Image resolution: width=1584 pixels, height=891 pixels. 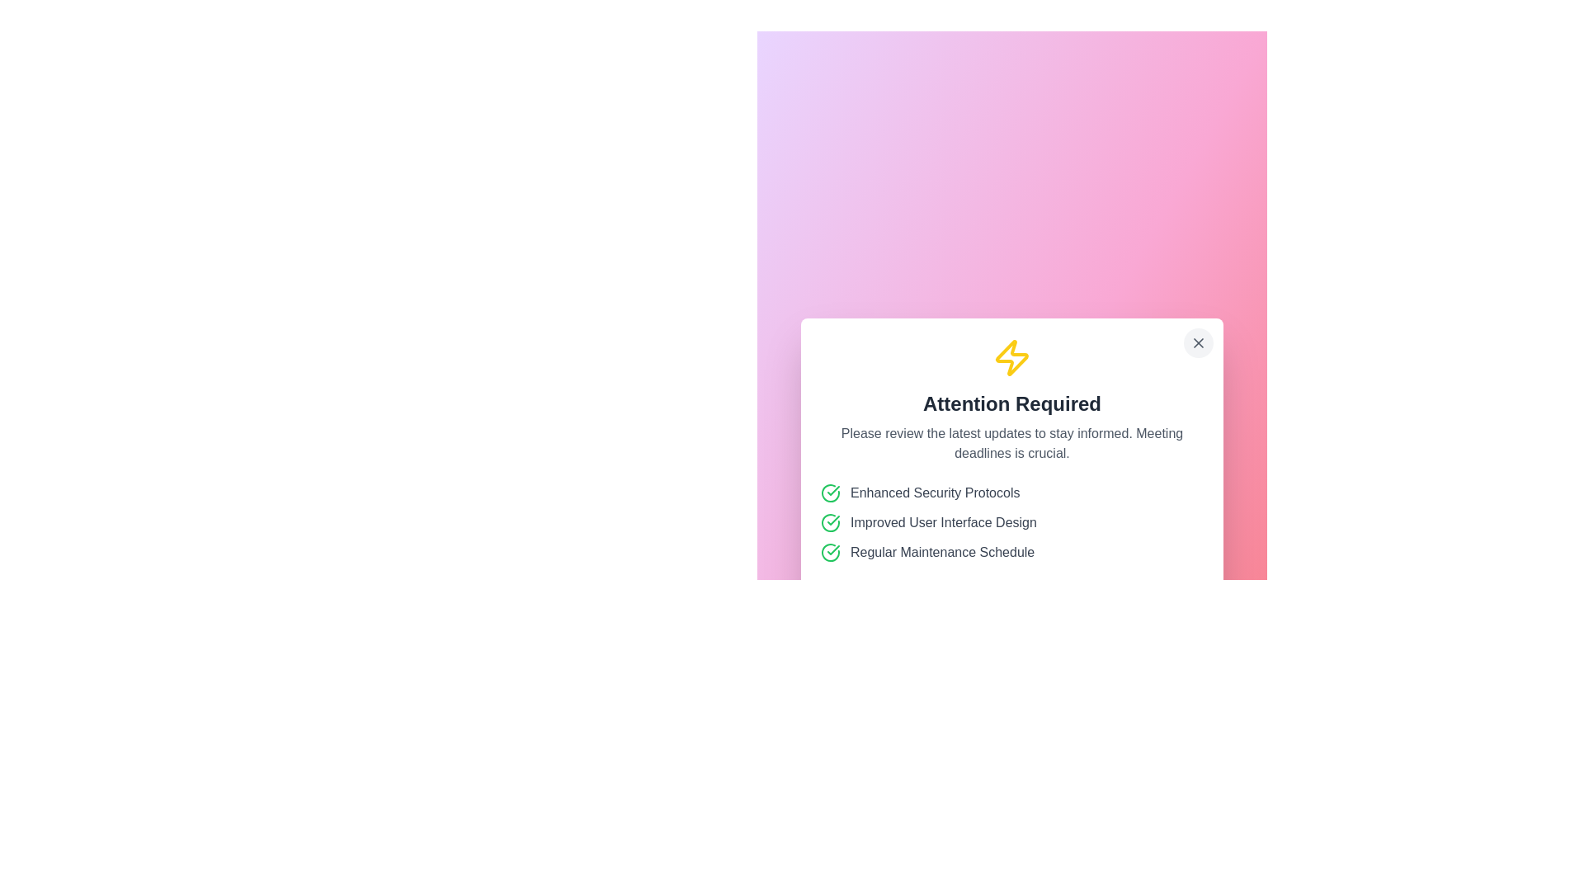 I want to click on the circular button with a light gray background and a dark gray 'X' icon located at the top-right corner of the modal dialog, so click(x=1199, y=342).